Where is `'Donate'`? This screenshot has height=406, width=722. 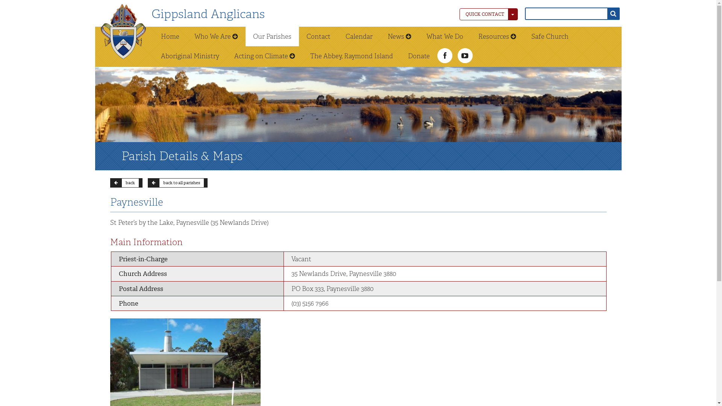 'Donate' is located at coordinates (418, 56).